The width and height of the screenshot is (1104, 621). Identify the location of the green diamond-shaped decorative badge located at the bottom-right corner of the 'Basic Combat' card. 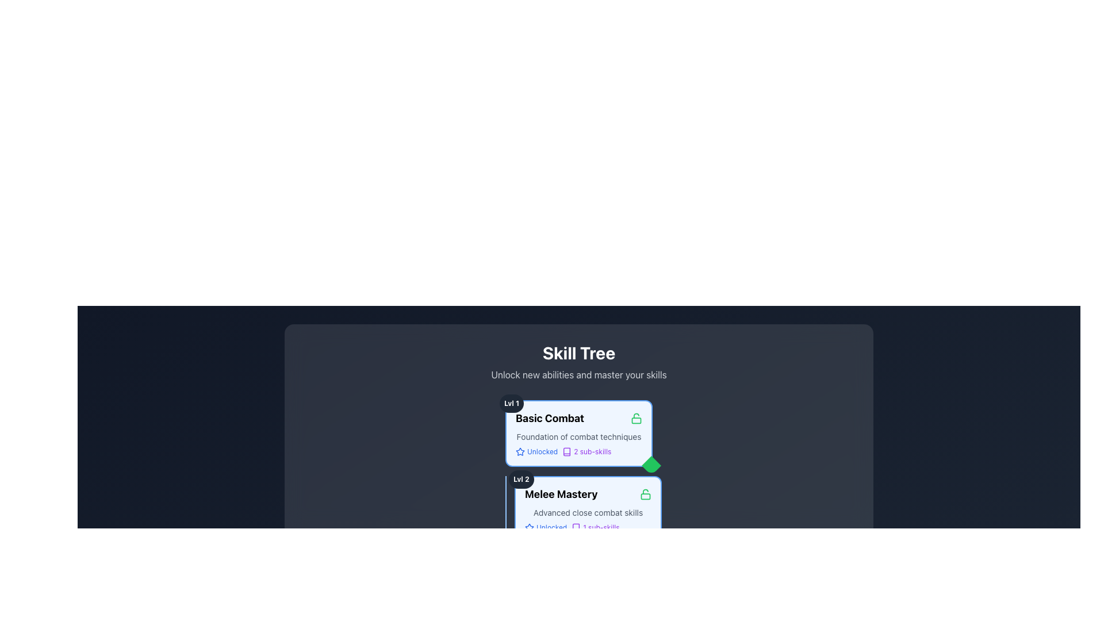
(651, 466).